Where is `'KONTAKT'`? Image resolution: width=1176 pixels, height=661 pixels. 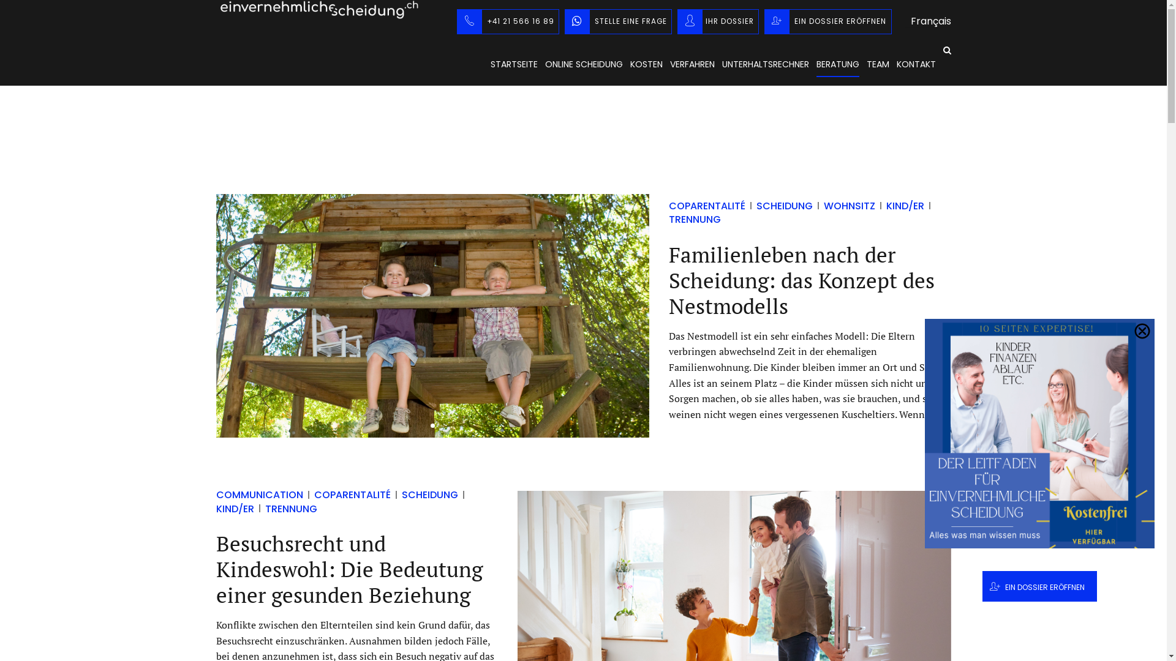
'KONTAKT' is located at coordinates (916, 64).